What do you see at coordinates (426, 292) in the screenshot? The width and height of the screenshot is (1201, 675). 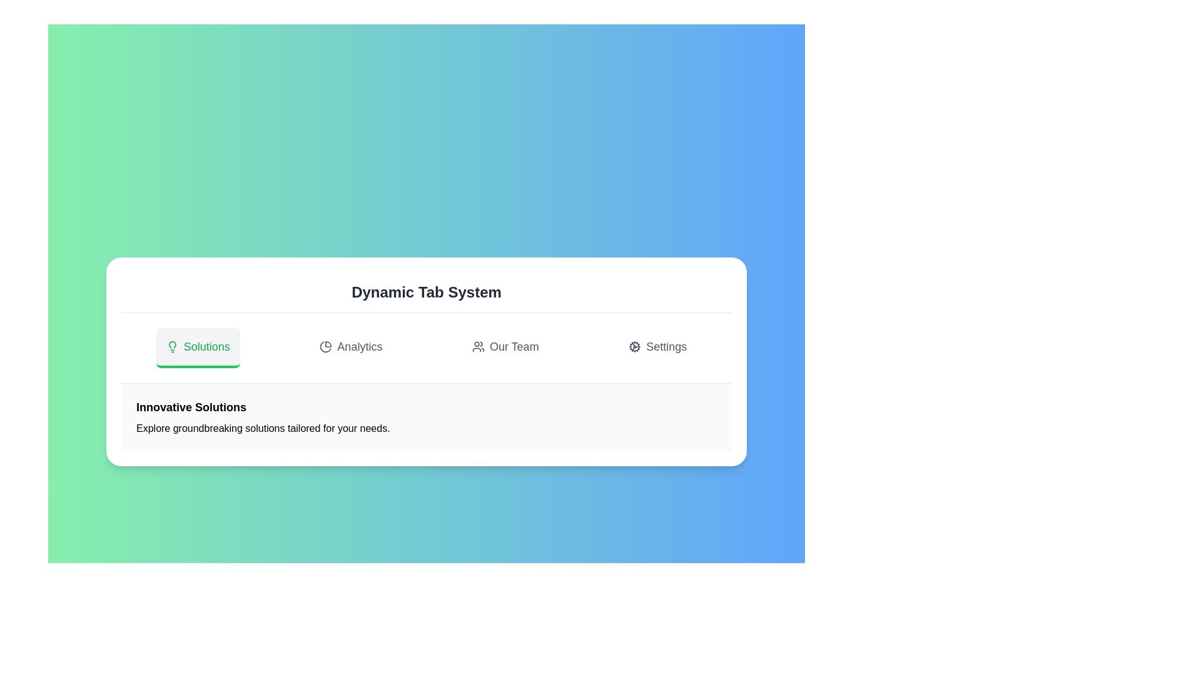 I see `the text label displaying 'Dynamic Tab System', which is prominently located in the header section of the tab interface` at bounding box center [426, 292].